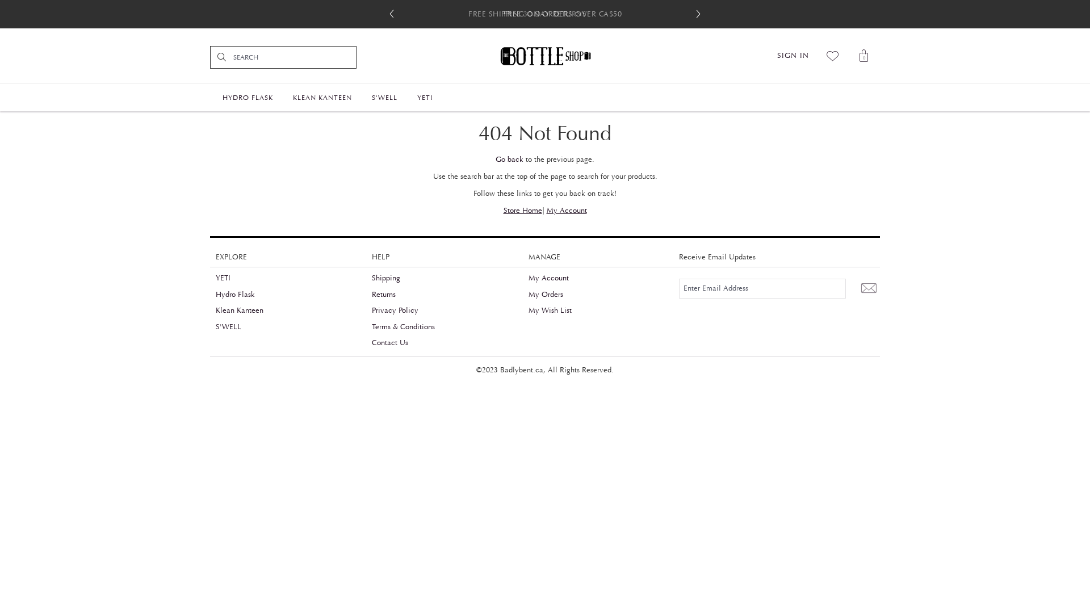 The width and height of the screenshot is (1090, 613). I want to click on 'Privacy Policy', so click(395, 310).